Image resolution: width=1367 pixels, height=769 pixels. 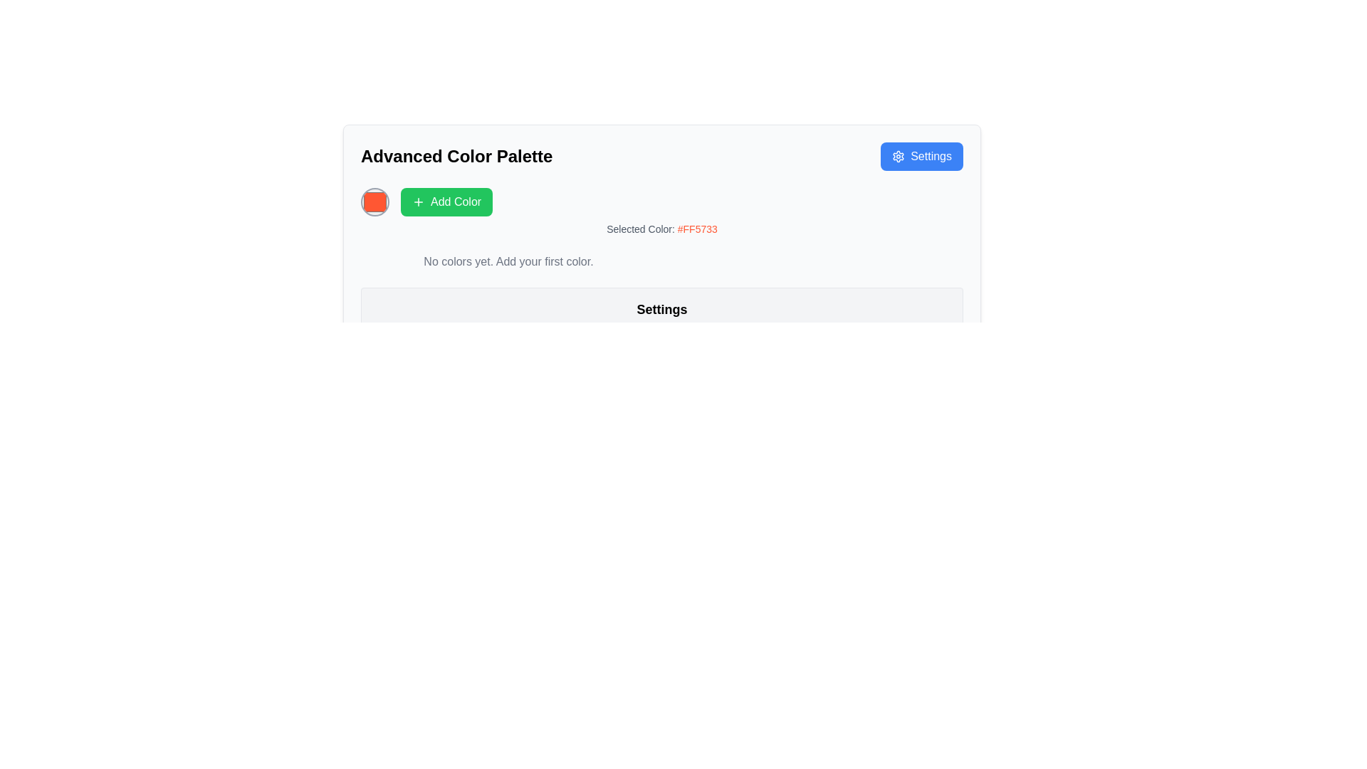 I want to click on the button used to add a new color to the palette, located in the middle-right region below the heading 'Advanced Color Palette', so click(x=446, y=202).